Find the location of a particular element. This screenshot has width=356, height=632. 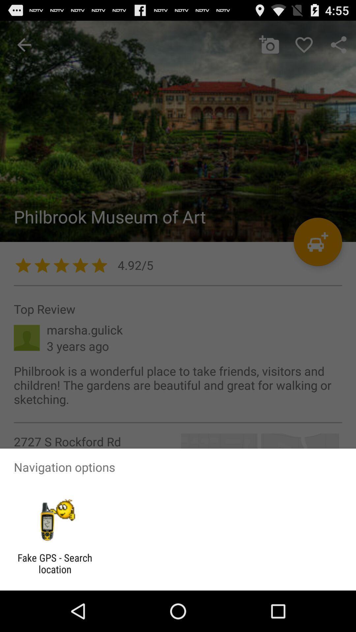

the fake gps search icon is located at coordinates (54, 563).